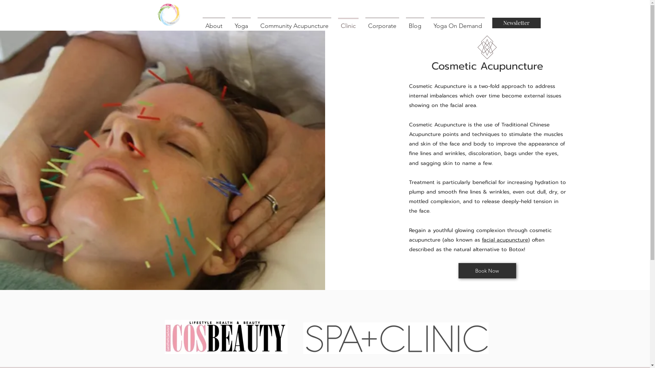 Image resolution: width=655 pixels, height=368 pixels. What do you see at coordinates (226, 336) in the screenshot?
I see `'CBMAA_LOGO-360x100-1.webp'` at bounding box center [226, 336].